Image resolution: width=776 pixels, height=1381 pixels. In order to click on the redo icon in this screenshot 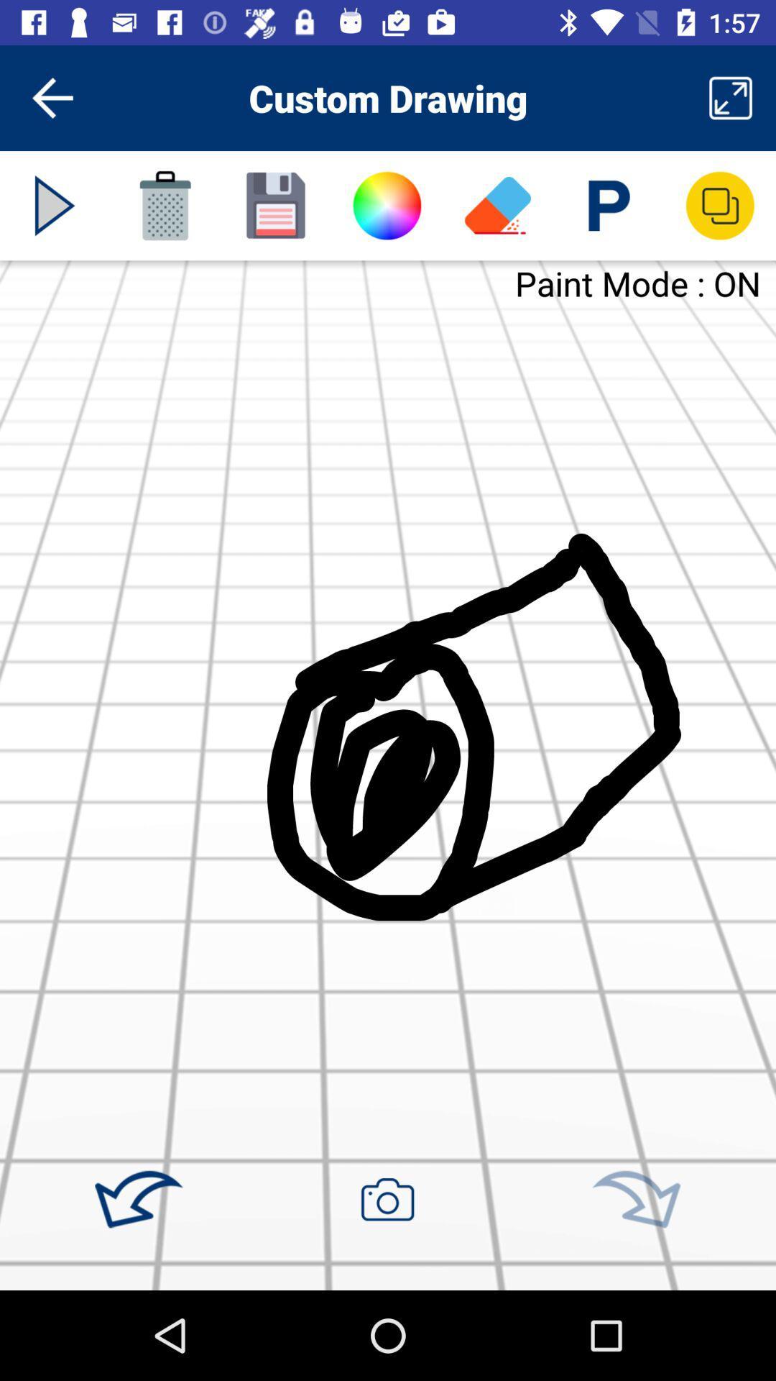, I will do `click(635, 1200)`.